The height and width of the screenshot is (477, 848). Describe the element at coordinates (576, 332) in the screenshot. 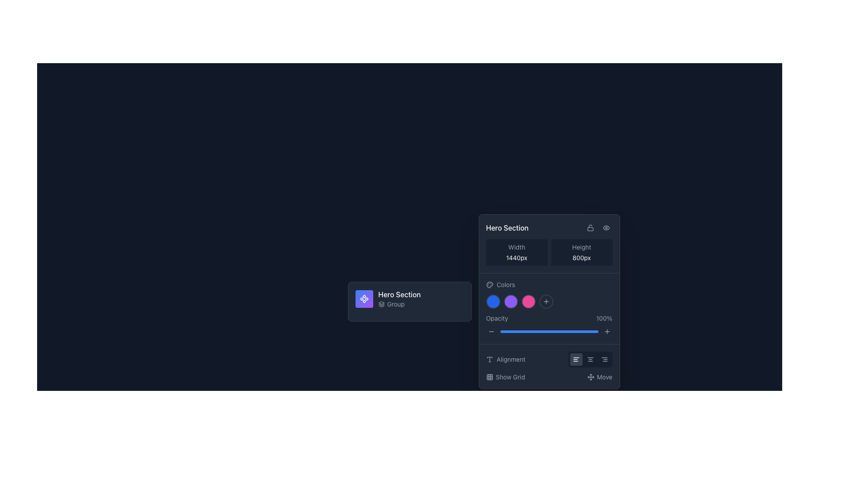

I see `slider` at that location.